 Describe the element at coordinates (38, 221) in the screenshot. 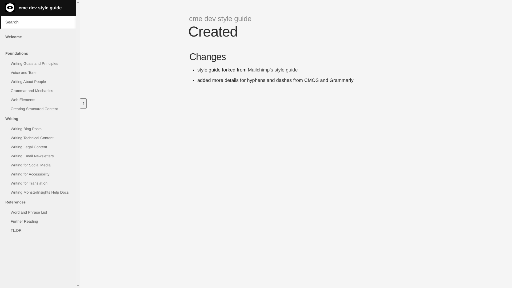

I see `'Further Reading'` at that location.